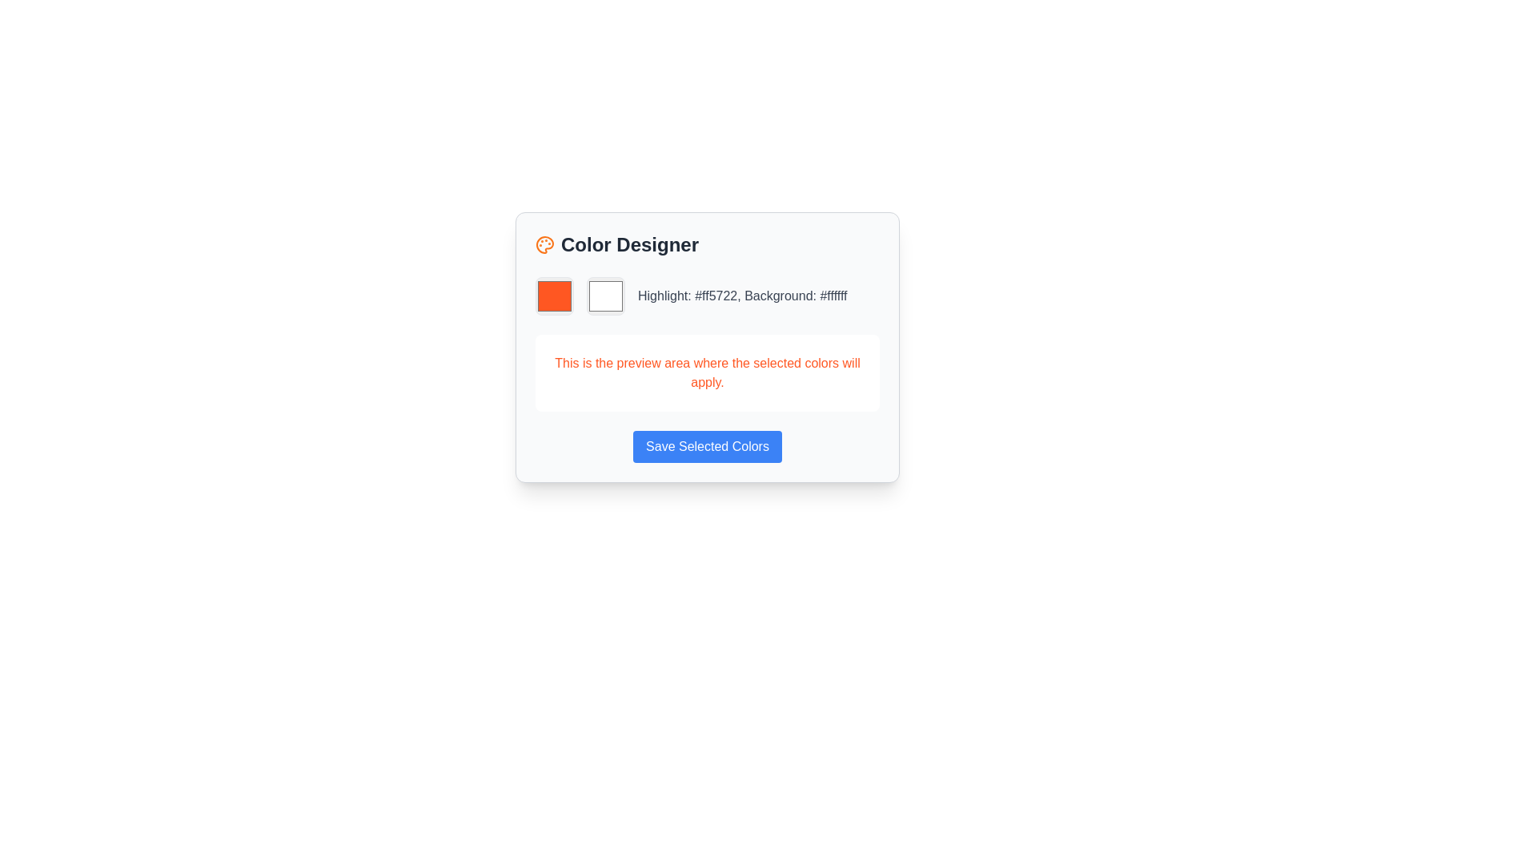 The width and height of the screenshot is (1537, 865). Describe the element at coordinates (554, 296) in the screenshot. I see `the orange color selection box` at that location.